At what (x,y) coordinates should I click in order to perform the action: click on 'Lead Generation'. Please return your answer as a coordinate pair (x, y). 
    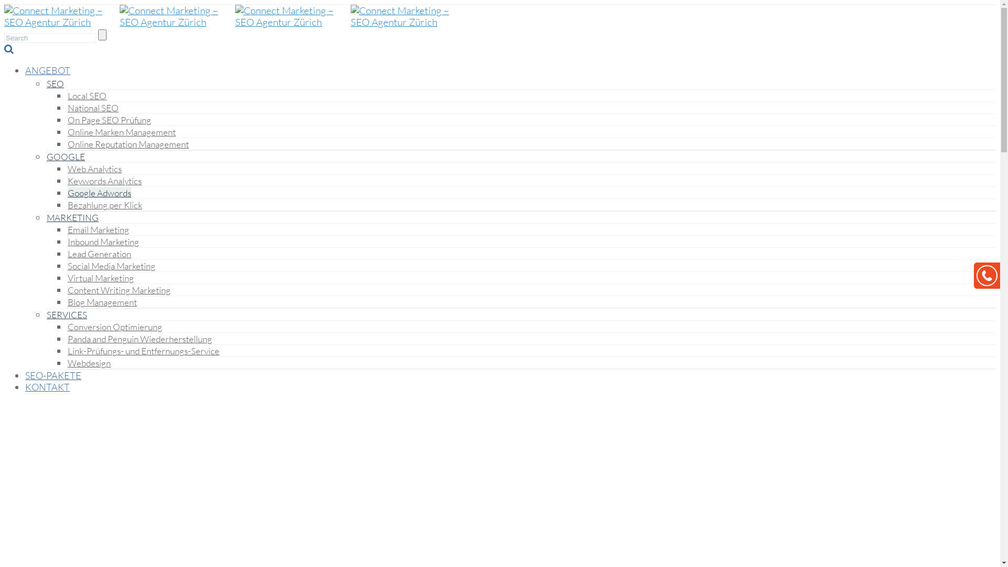
    Looking at the image, I should click on (67, 254).